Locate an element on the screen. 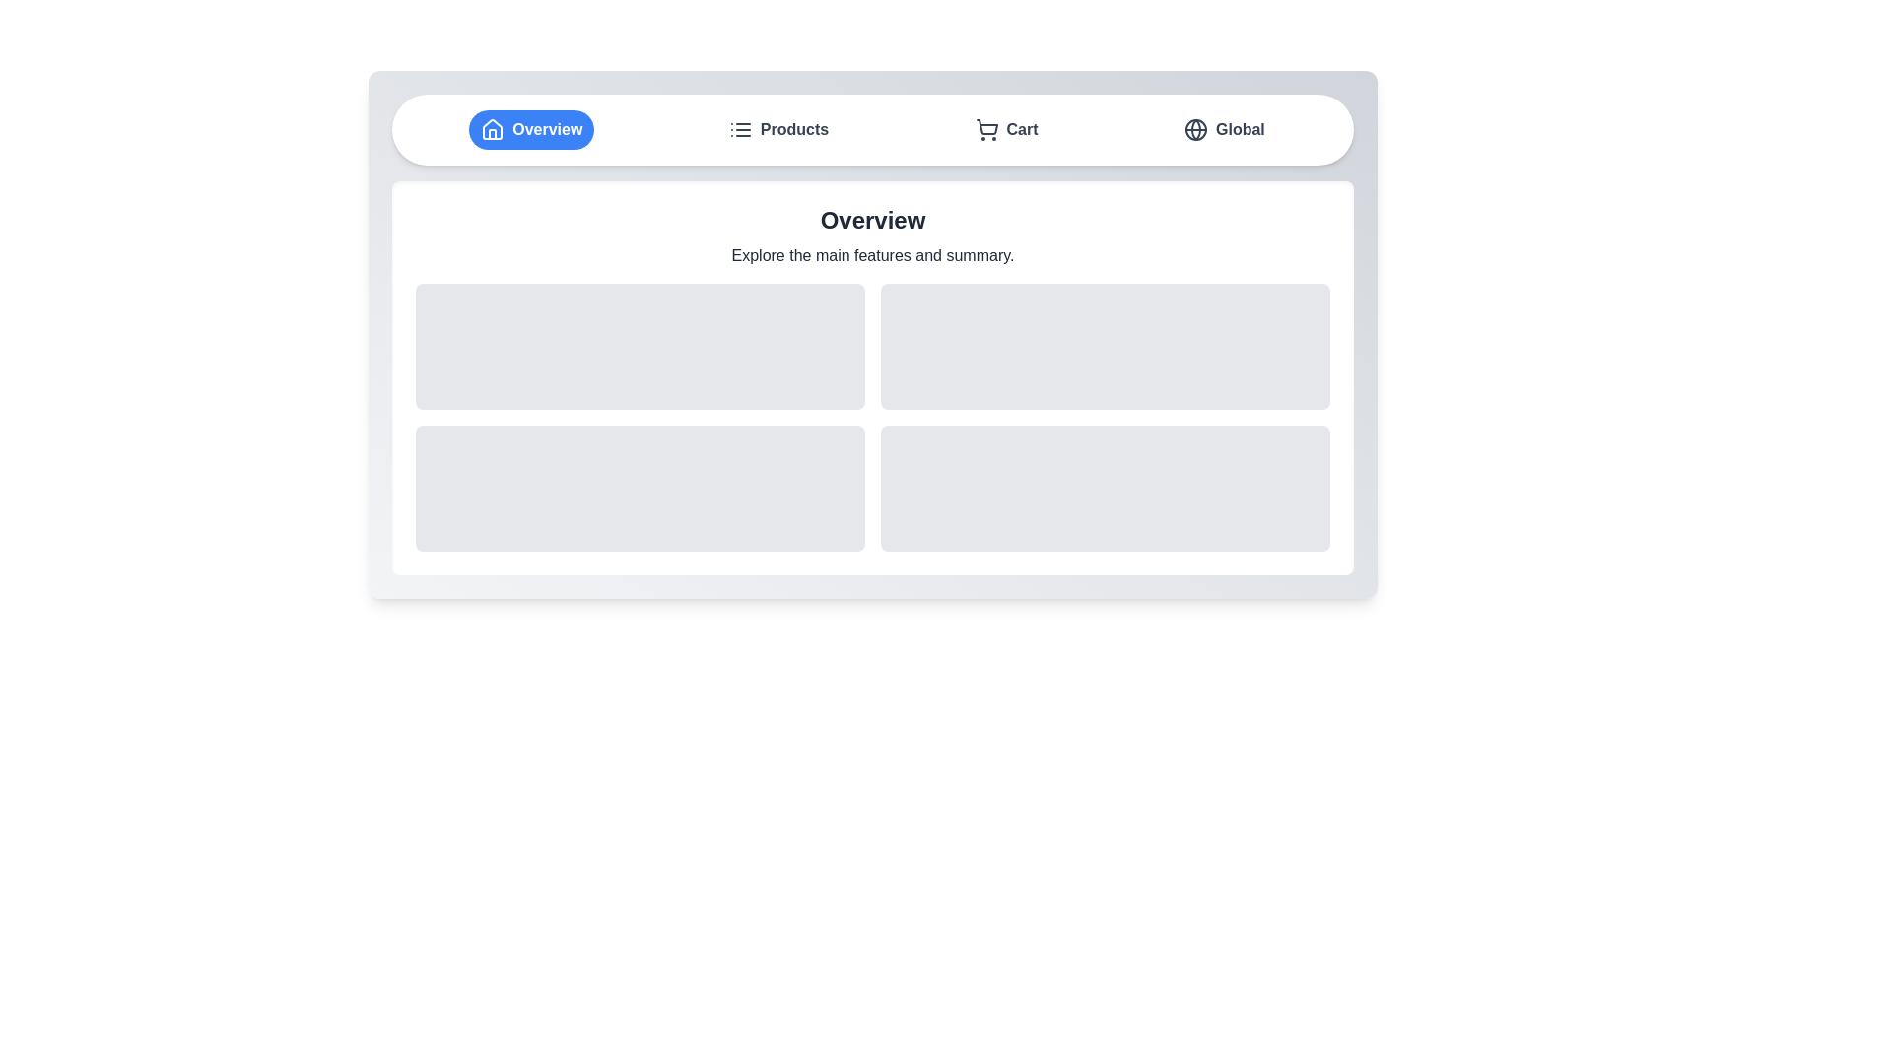 The height and width of the screenshot is (1064, 1892). the Products tab to observe visual feedback is located at coordinates (777, 129).